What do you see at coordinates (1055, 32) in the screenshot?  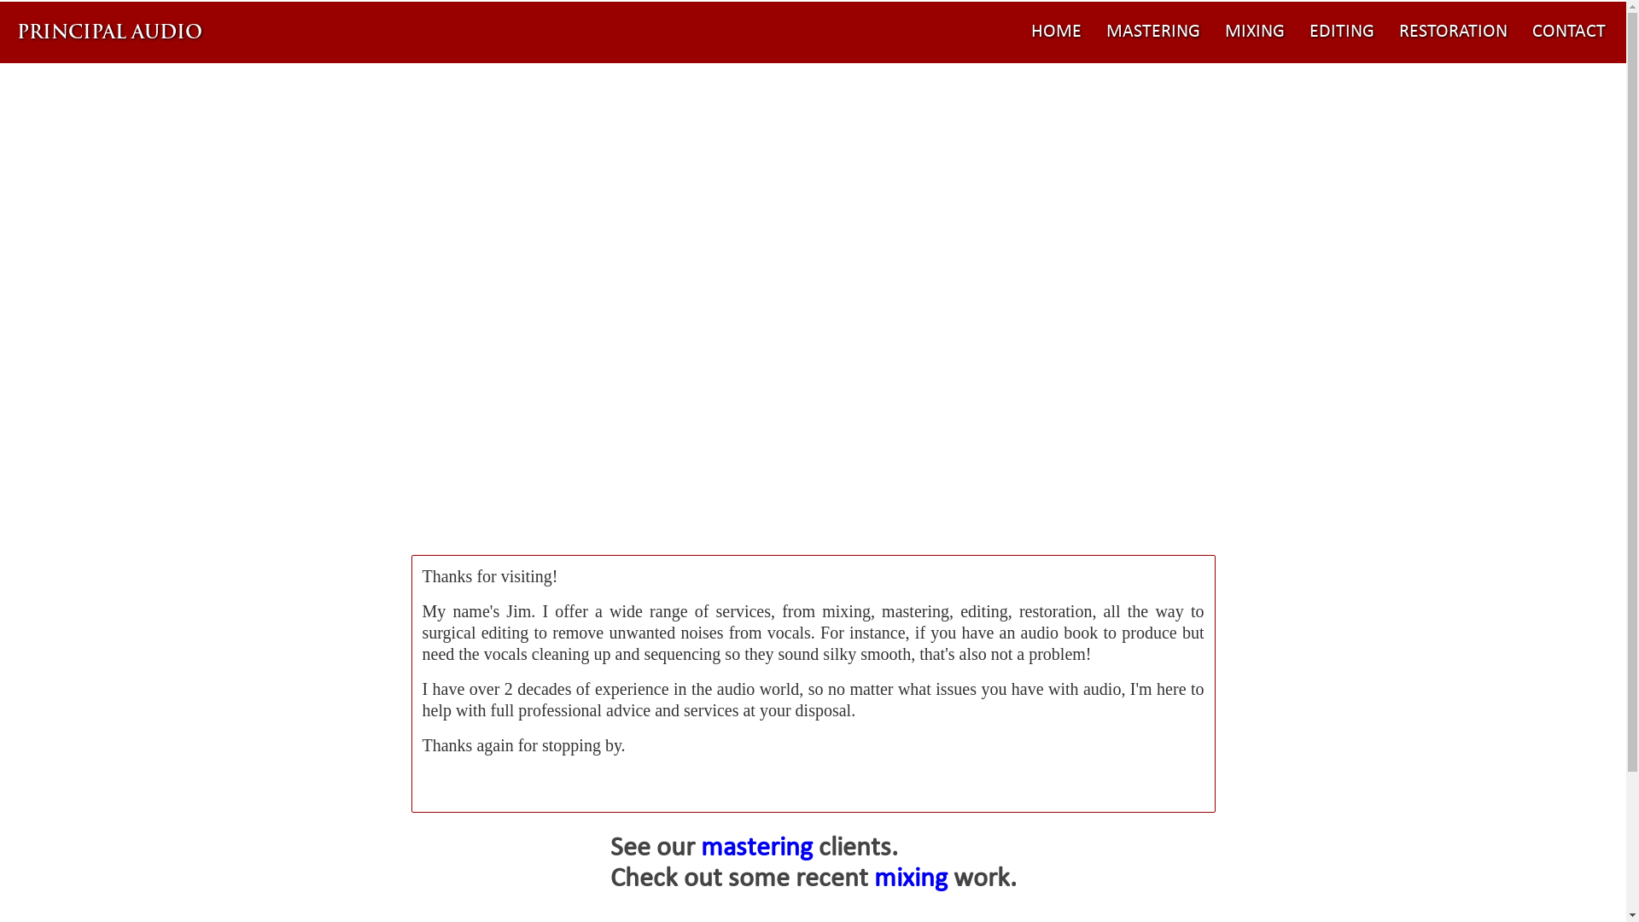 I see `'HOME'` at bounding box center [1055, 32].